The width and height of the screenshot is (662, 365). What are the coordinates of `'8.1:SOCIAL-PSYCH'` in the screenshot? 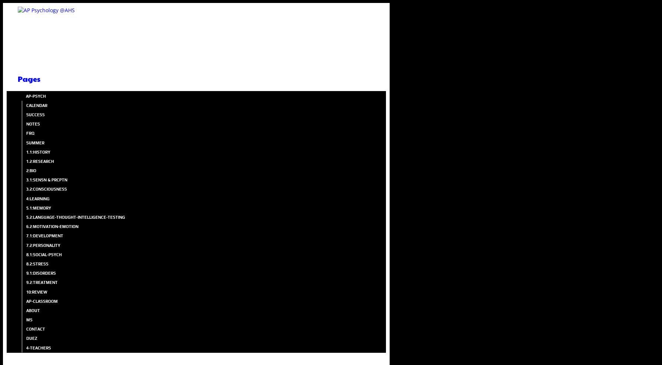 It's located at (44, 254).